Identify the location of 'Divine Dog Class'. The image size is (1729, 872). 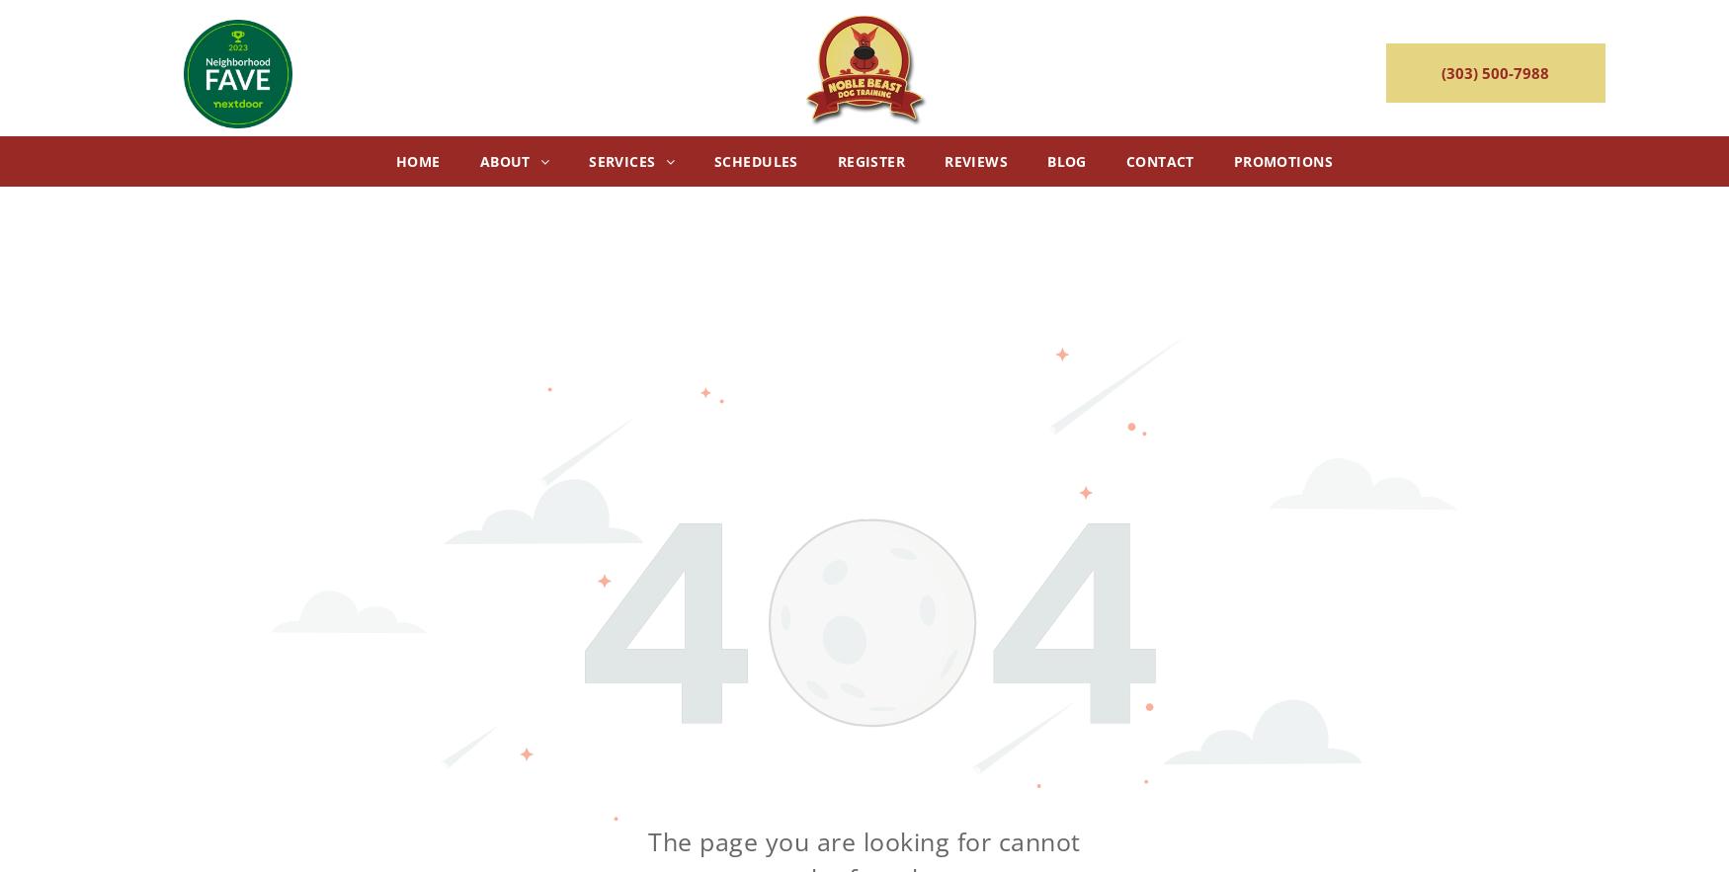
(839, 334).